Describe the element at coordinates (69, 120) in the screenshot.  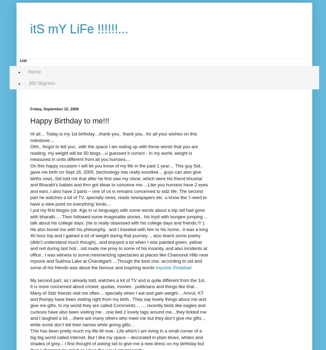
I see `'Happy Birthday to me!!!'` at that location.